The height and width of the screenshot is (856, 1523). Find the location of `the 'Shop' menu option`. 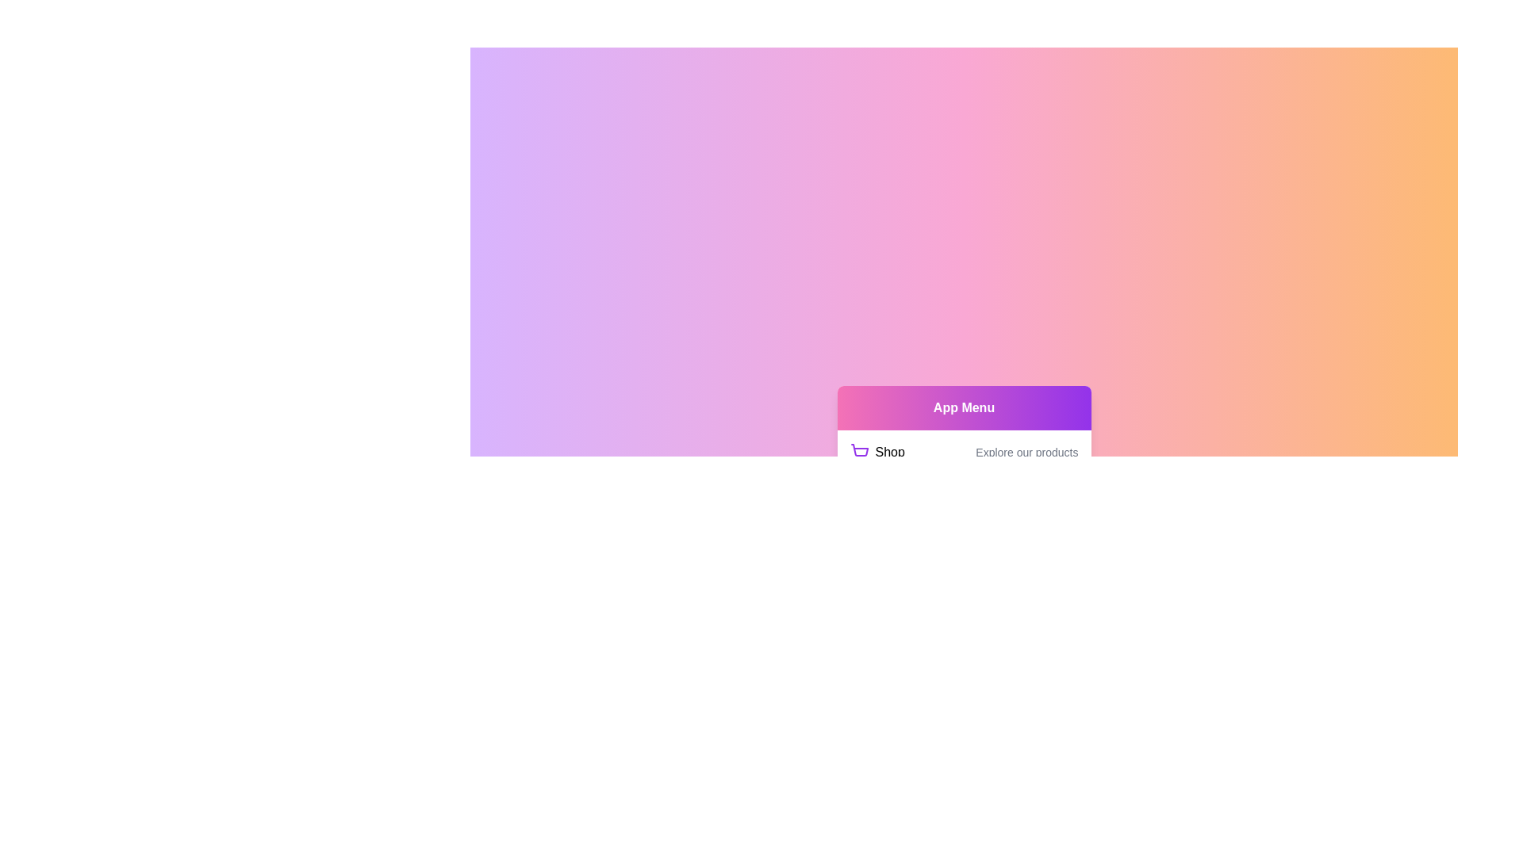

the 'Shop' menu option is located at coordinates (876, 452).